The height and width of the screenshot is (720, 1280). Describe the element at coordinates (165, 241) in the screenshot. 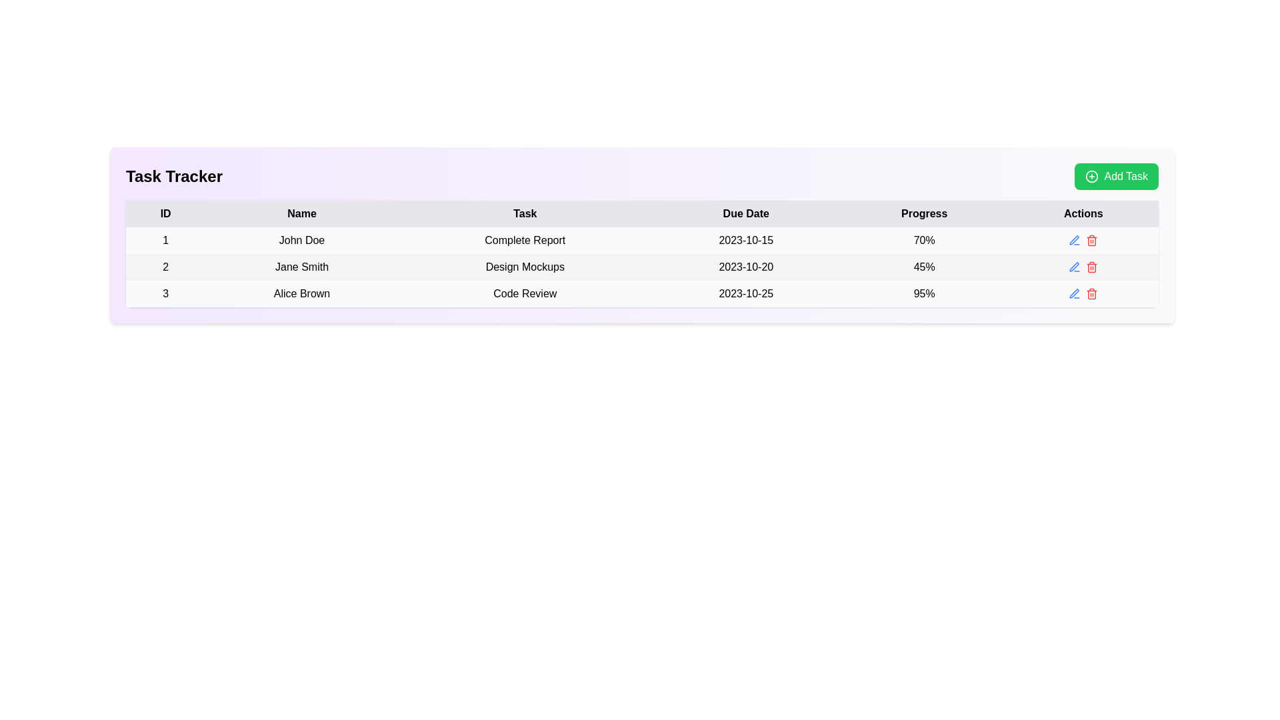

I see `the bold numeral '1' text label located in the first column of the first row of the task information table, which serves as an index or identifier` at that location.